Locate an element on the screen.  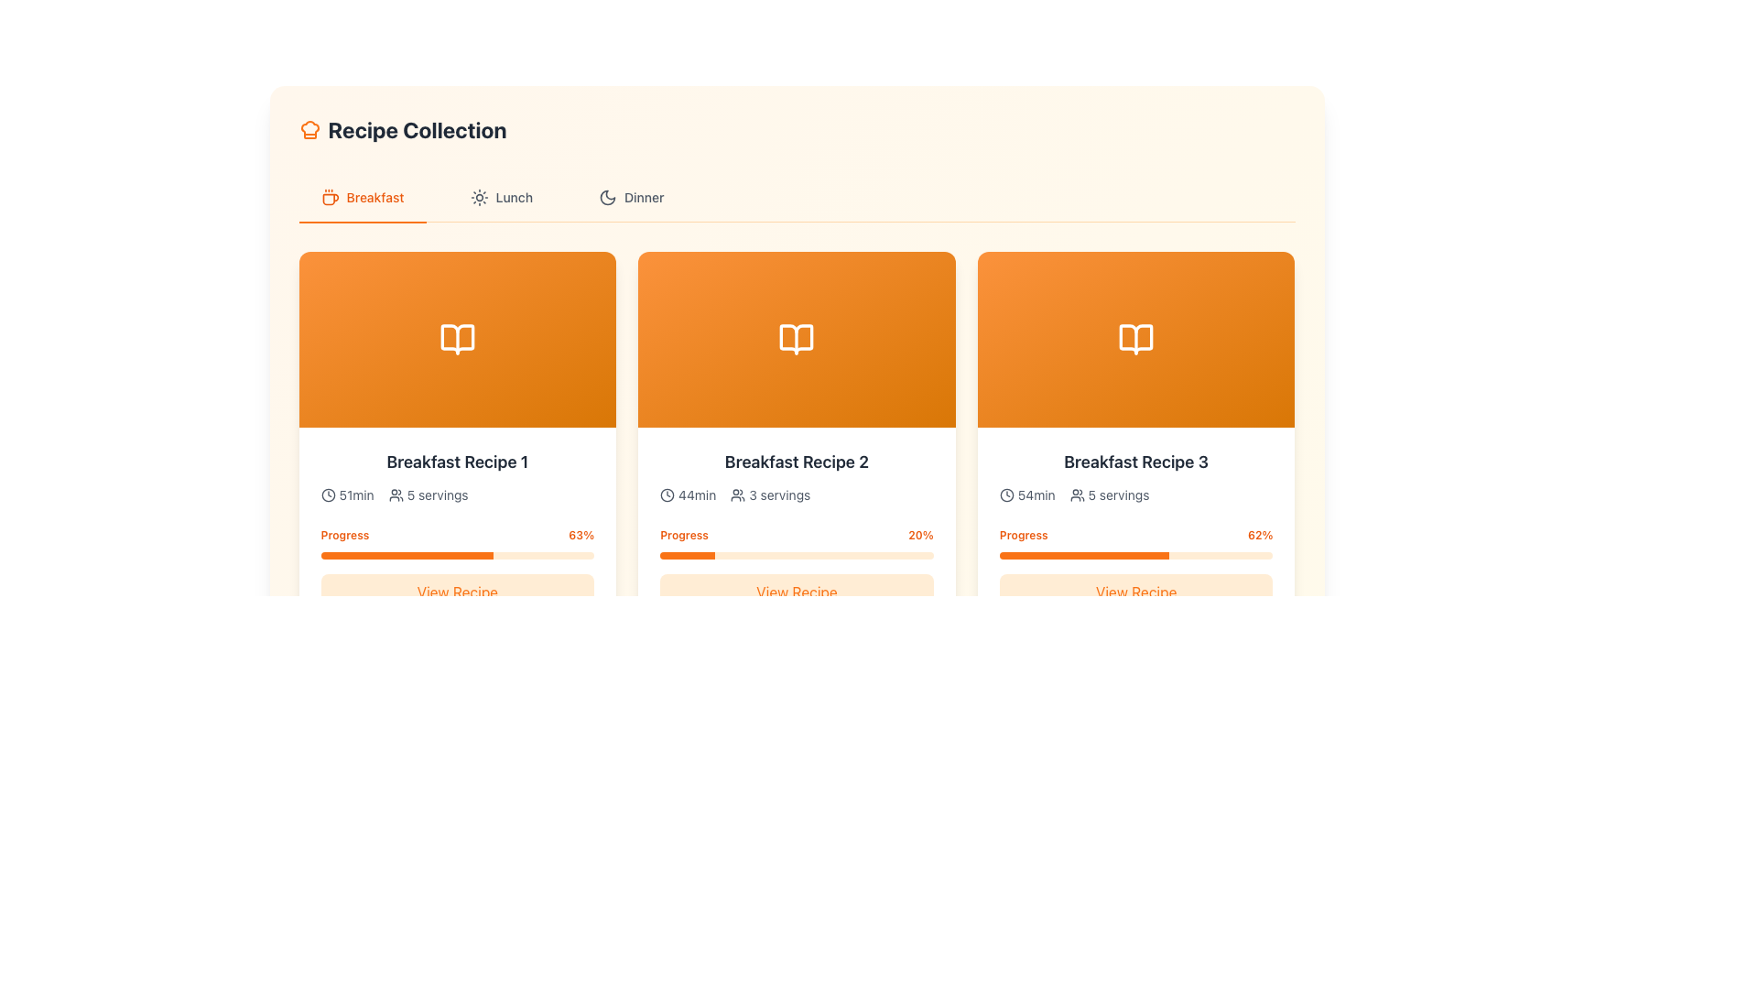
the button located at the bottom center of the card for 'Breakfast Recipe 3' is located at coordinates (1135, 592).